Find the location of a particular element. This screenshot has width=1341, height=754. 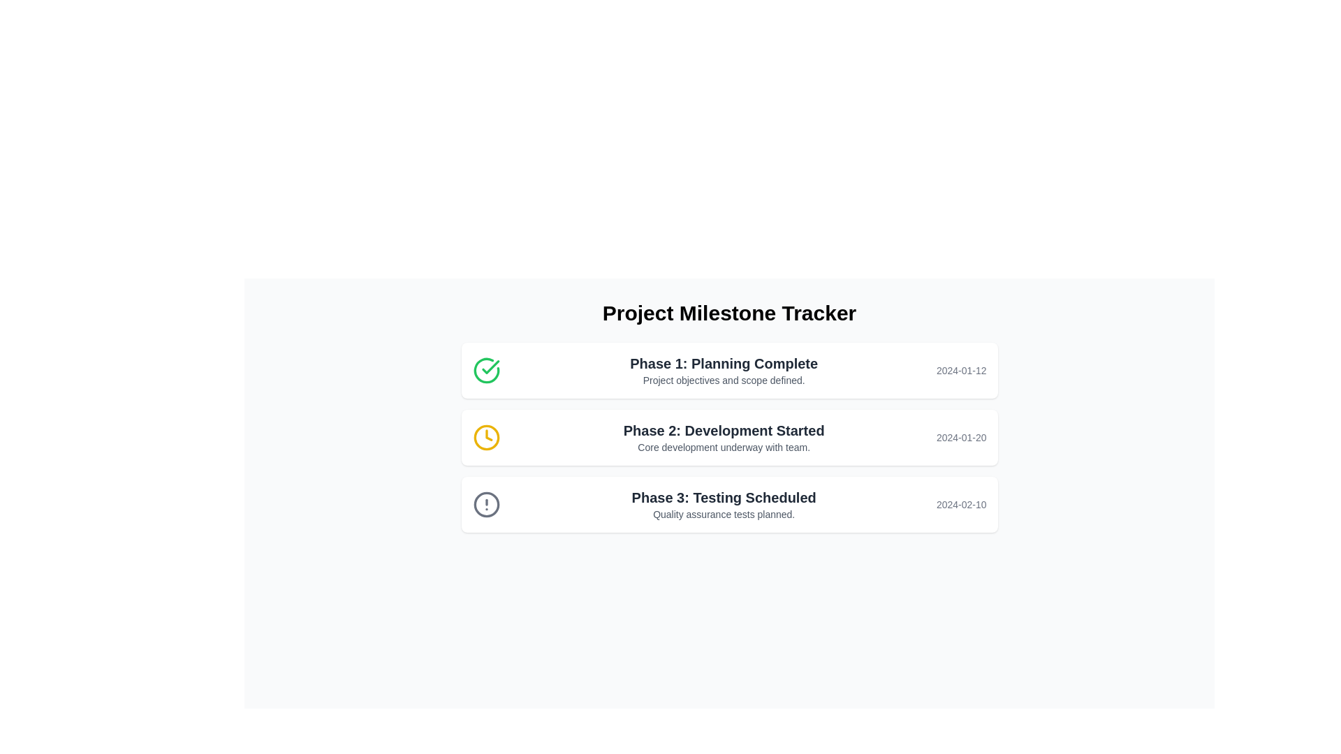

the header text that indicates the purpose of the application, which is tracking project milestones is located at coordinates (728, 312).